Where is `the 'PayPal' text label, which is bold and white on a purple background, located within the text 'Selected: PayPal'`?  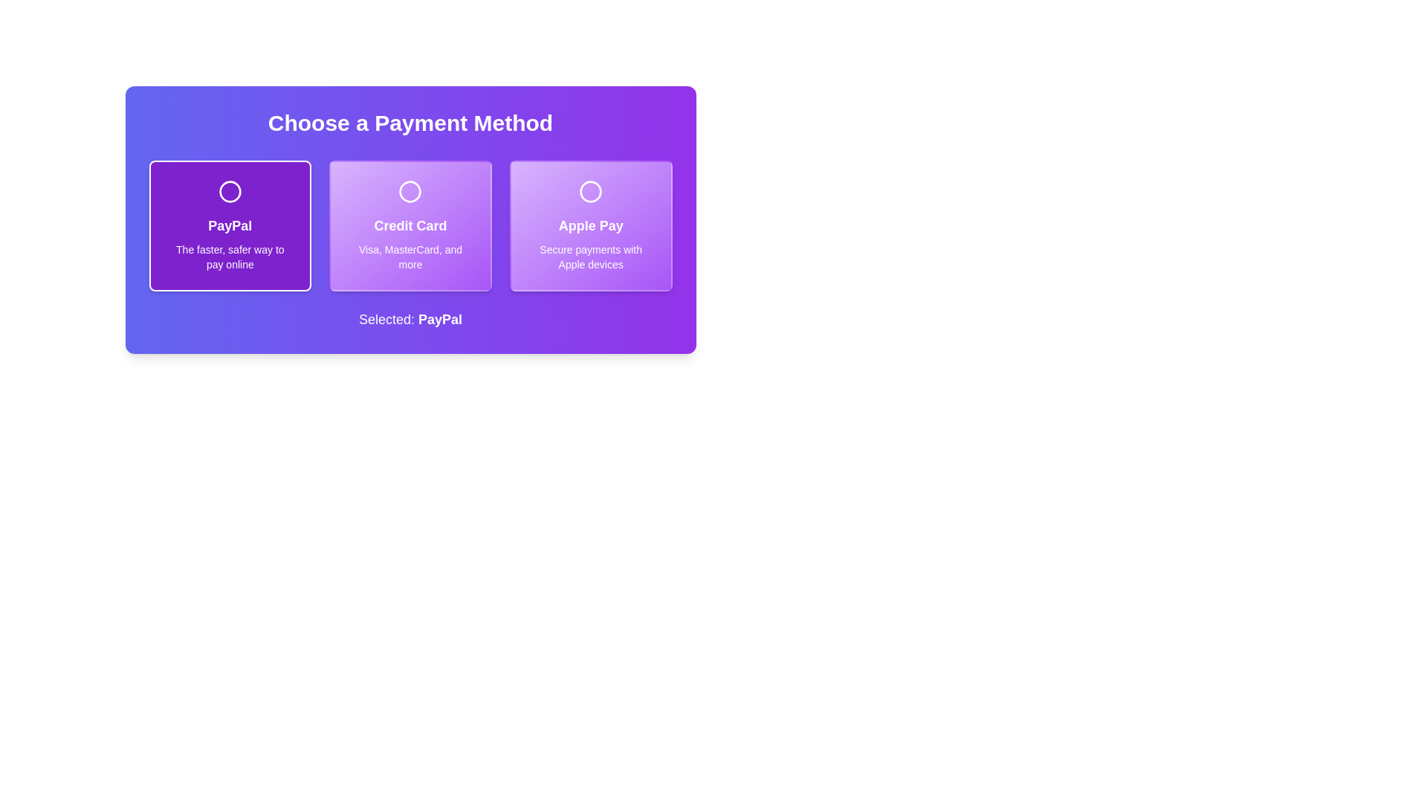 the 'PayPal' text label, which is bold and white on a purple background, located within the text 'Selected: PayPal' is located at coordinates (439, 318).